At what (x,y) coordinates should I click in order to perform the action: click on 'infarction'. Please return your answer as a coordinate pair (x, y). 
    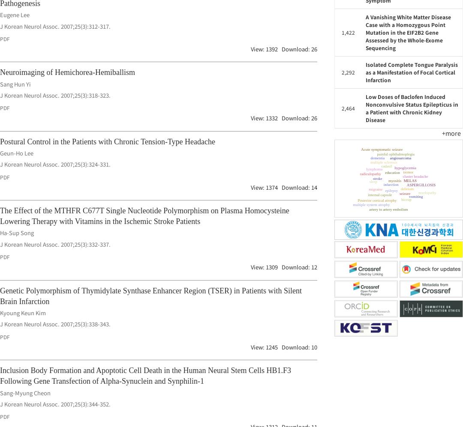
    Looking at the image, I should click on (420, 174).